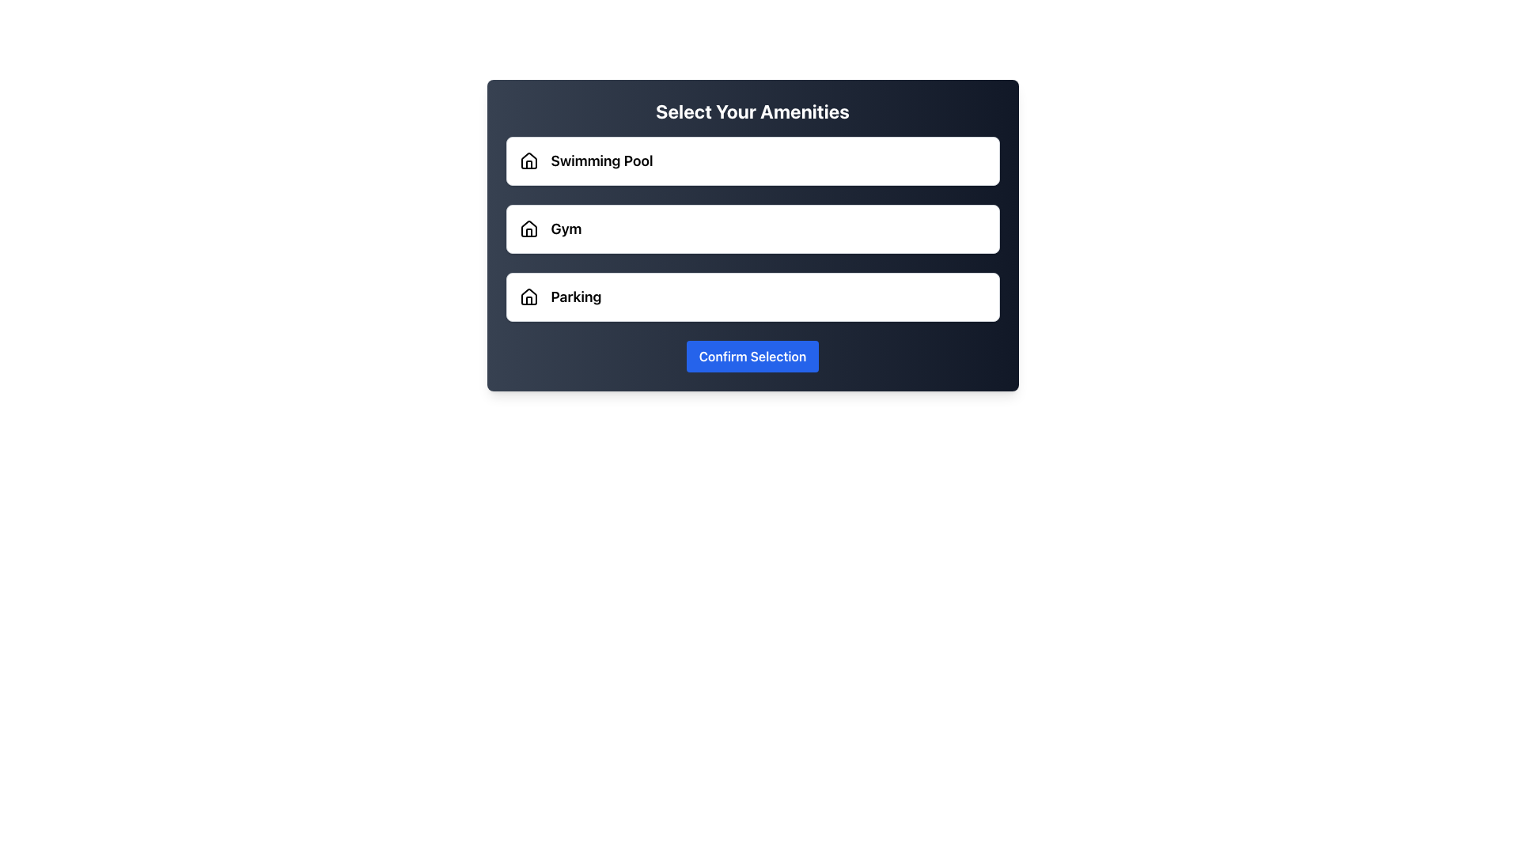 The image size is (1519, 854). What do you see at coordinates (600, 161) in the screenshot?
I see `the 'Swimming Pool' label located to the right of the house icon in the first item of the amenities list` at bounding box center [600, 161].